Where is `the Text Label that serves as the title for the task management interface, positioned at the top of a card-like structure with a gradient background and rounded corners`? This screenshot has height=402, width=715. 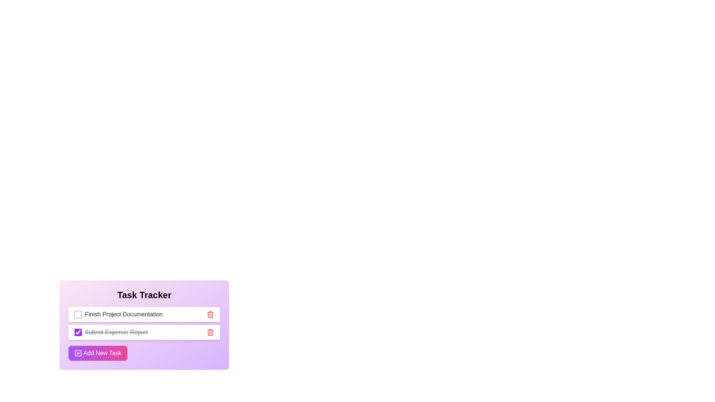
the Text Label that serves as the title for the task management interface, positioned at the top of a card-like structure with a gradient background and rounded corners is located at coordinates (144, 295).